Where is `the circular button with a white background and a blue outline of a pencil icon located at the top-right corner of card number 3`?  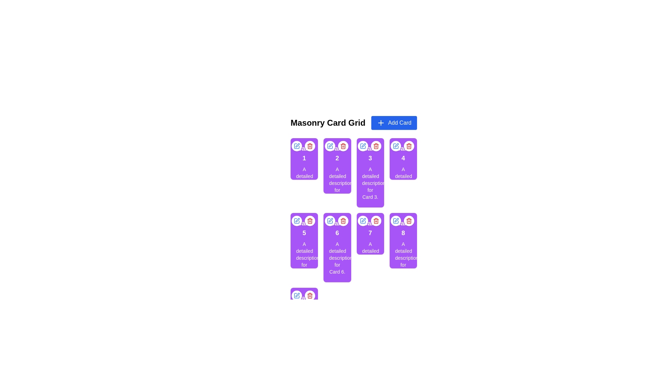
the circular button with a white background and a blue outline of a pencil icon located at the top-right corner of card number 3 is located at coordinates (362, 145).